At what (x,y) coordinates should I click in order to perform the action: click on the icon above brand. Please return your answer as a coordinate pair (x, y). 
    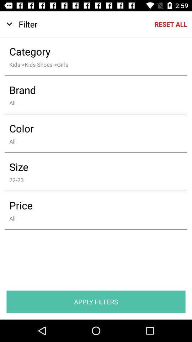
    Looking at the image, I should click on (91, 64).